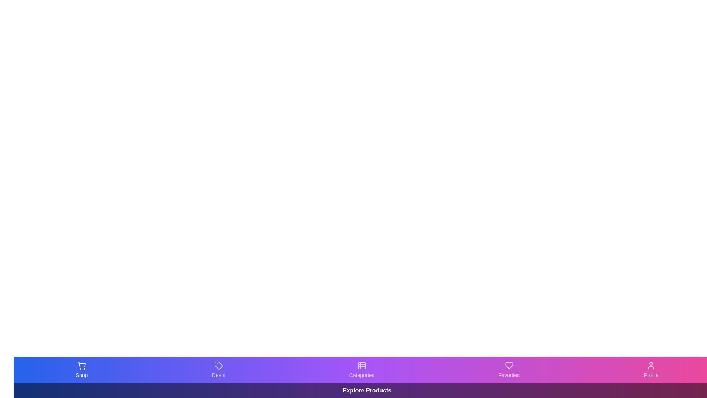 This screenshot has height=398, width=707. What do you see at coordinates (81, 370) in the screenshot?
I see `the button labeled Shop to inspect its visual hover effect` at bounding box center [81, 370].